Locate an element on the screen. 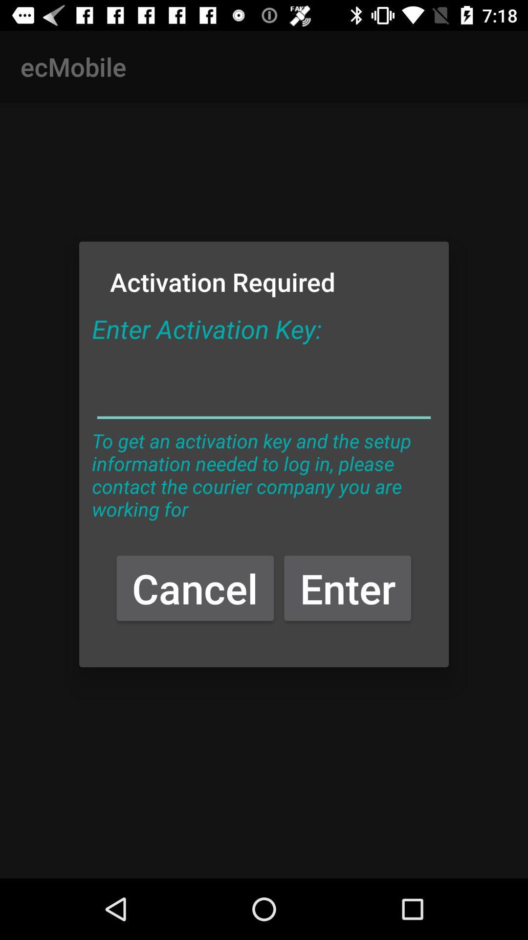 The width and height of the screenshot is (528, 940). button to the left of enter icon is located at coordinates (195, 587).